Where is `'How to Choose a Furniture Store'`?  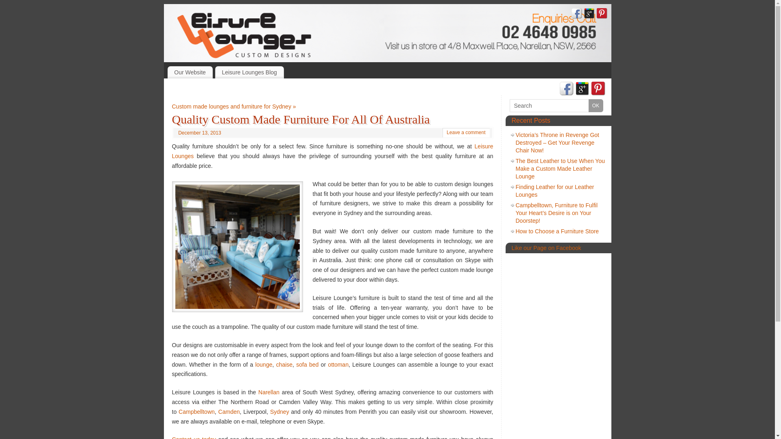 'How to Choose a Furniture Store' is located at coordinates (557, 231).